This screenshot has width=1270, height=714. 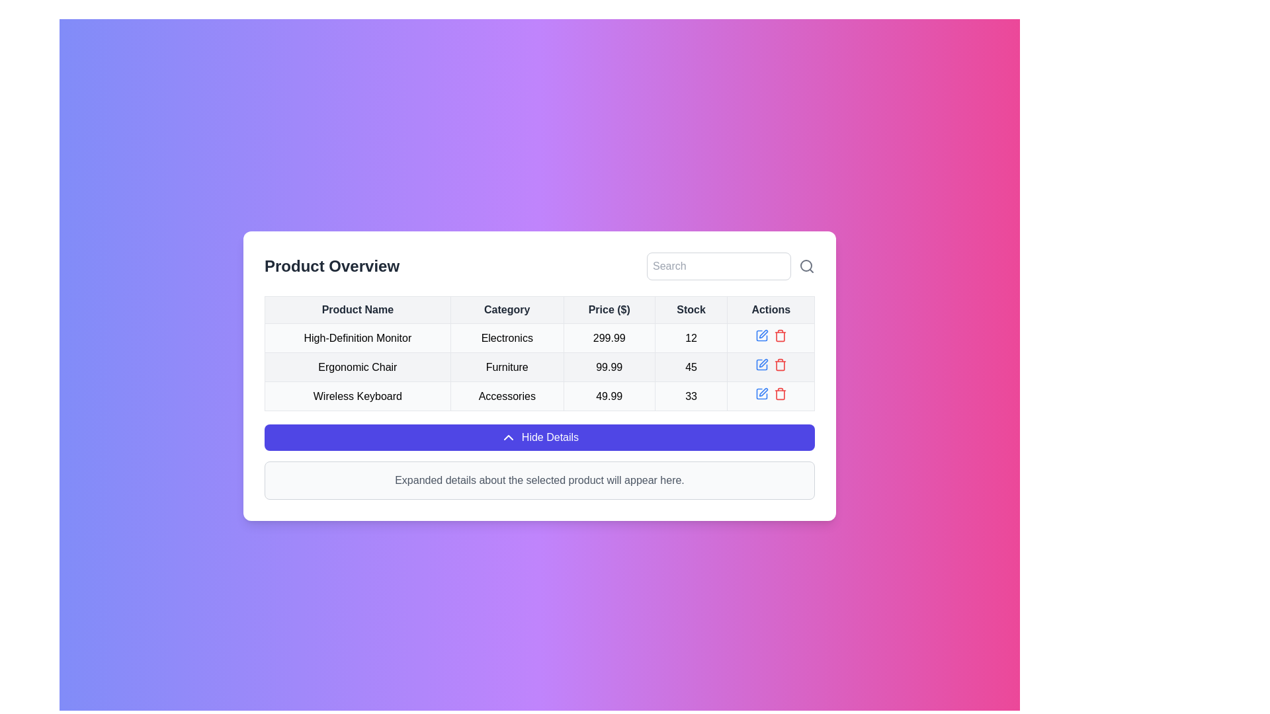 What do you see at coordinates (691, 310) in the screenshot?
I see `the fourth table header cell that indicates stock quantities of items, positioned between the 'Price ($)' and 'Actions' header cells` at bounding box center [691, 310].